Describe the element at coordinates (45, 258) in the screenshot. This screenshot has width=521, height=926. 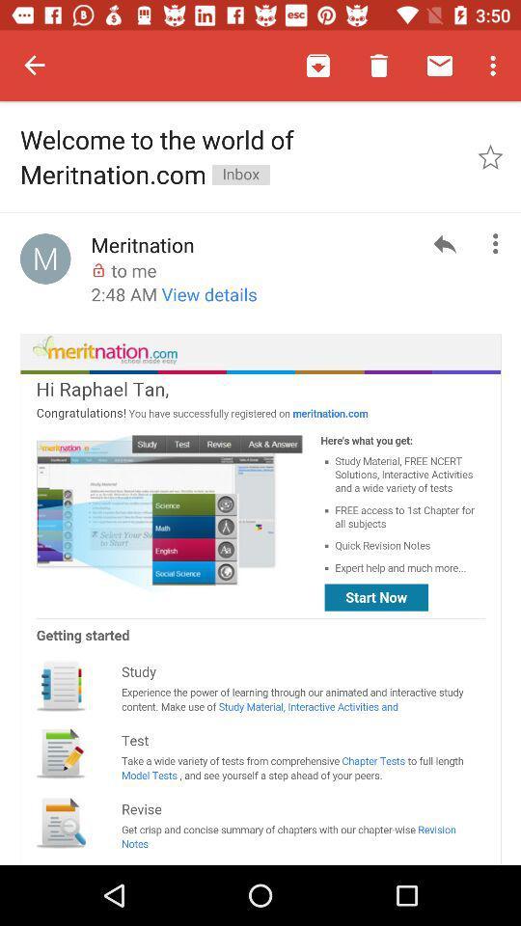
I see `icon left to meritnation` at that location.